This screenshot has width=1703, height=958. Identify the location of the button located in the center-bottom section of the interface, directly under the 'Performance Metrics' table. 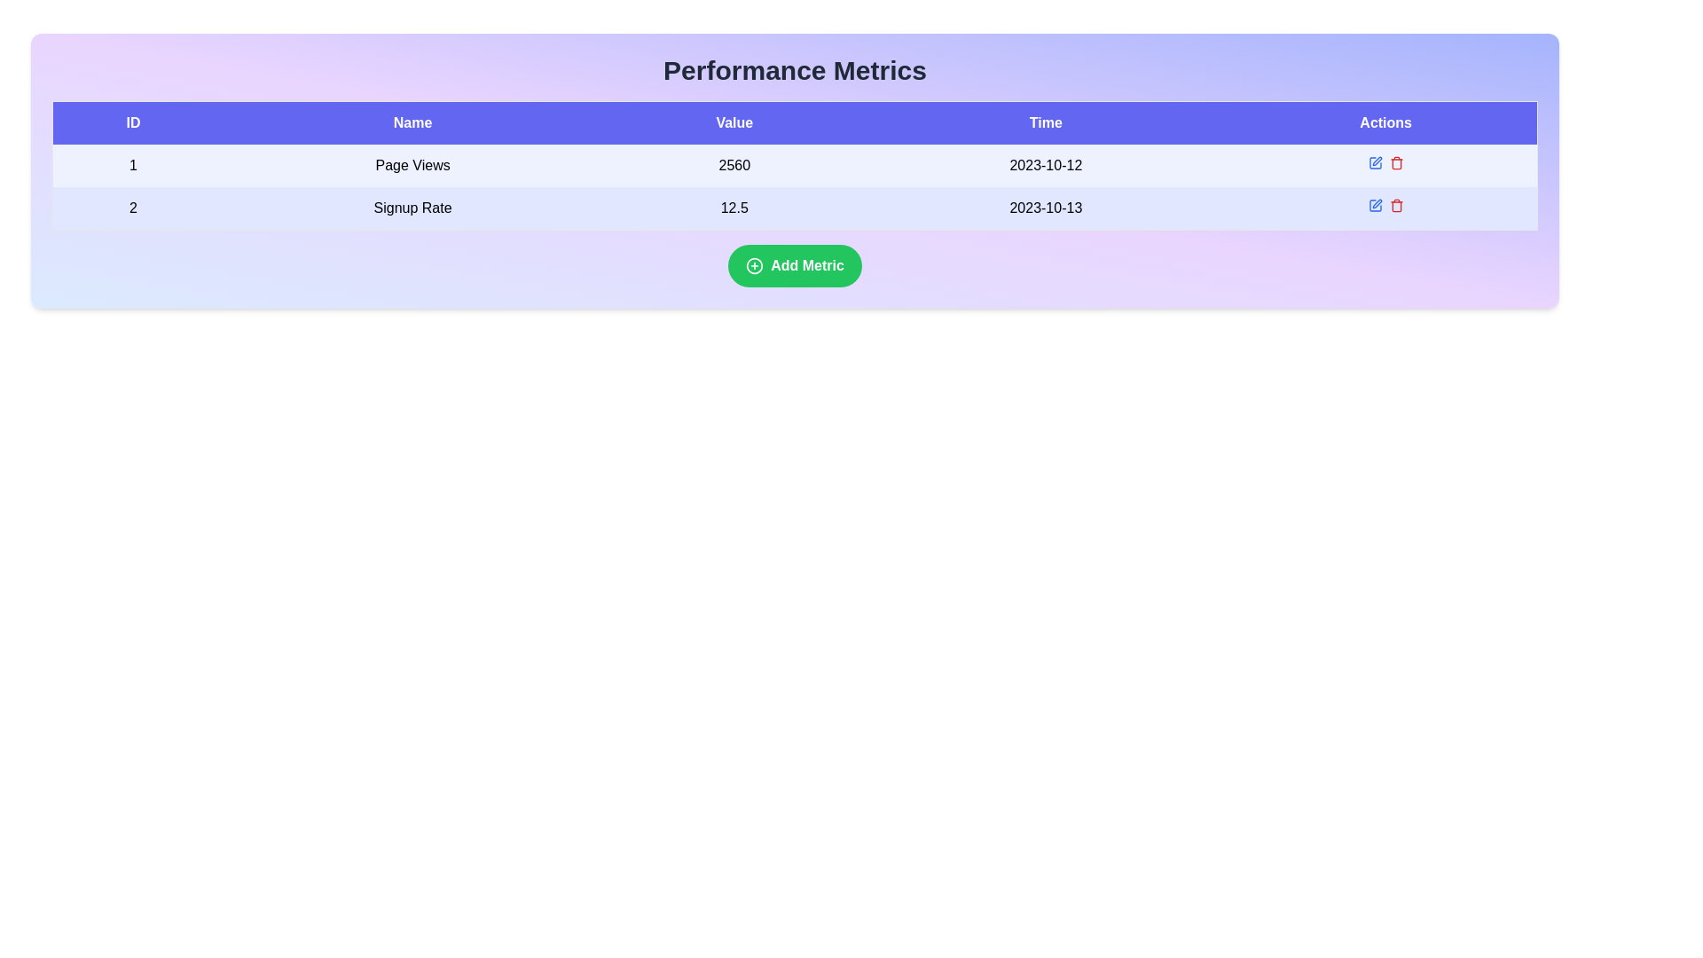
(794, 266).